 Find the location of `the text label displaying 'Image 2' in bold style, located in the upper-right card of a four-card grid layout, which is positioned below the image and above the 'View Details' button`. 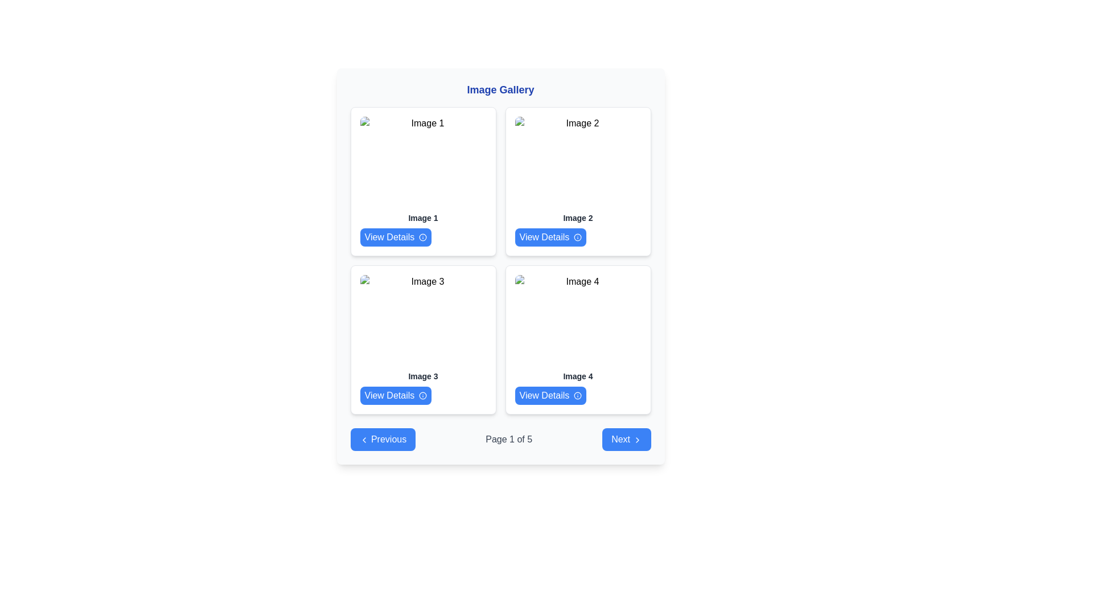

the text label displaying 'Image 2' in bold style, located in the upper-right card of a four-card grid layout, which is positioned below the image and above the 'View Details' button is located at coordinates (578, 218).